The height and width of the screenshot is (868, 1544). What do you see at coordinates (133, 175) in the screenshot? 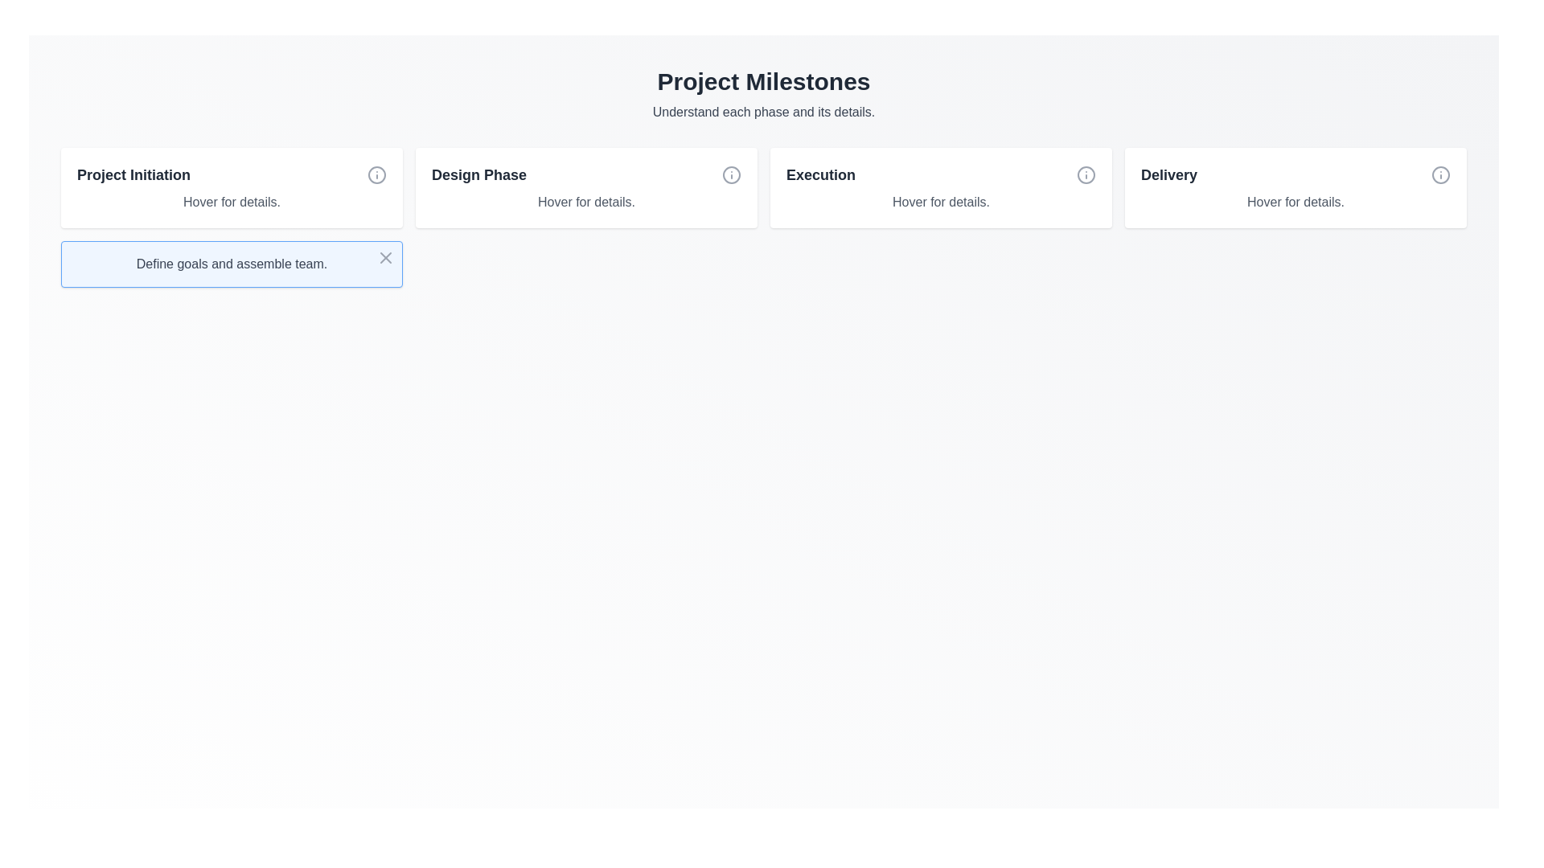
I see `the bold text label reading 'Project Initiation' located at the upper left segment of the rectangular card to trigger additional interactions` at bounding box center [133, 175].